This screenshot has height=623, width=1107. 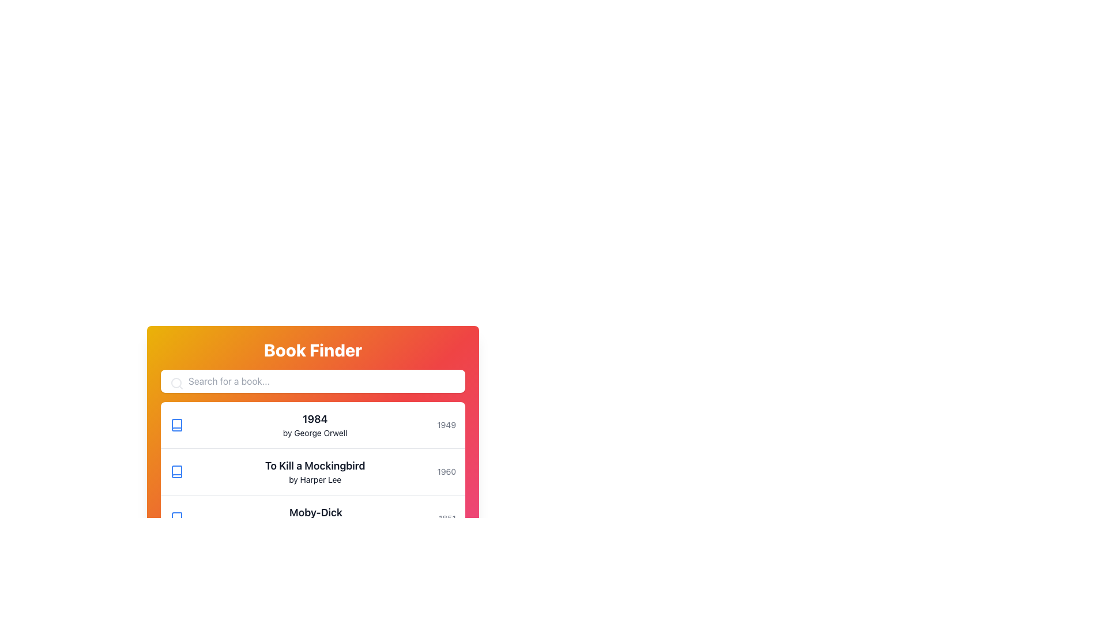 What do you see at coordinates (176, 425) in the screenshot?
I see `the compact blue book icon with a thin outline, located to the left of the title '1984' in the list item` at bounding box center [176, 425].